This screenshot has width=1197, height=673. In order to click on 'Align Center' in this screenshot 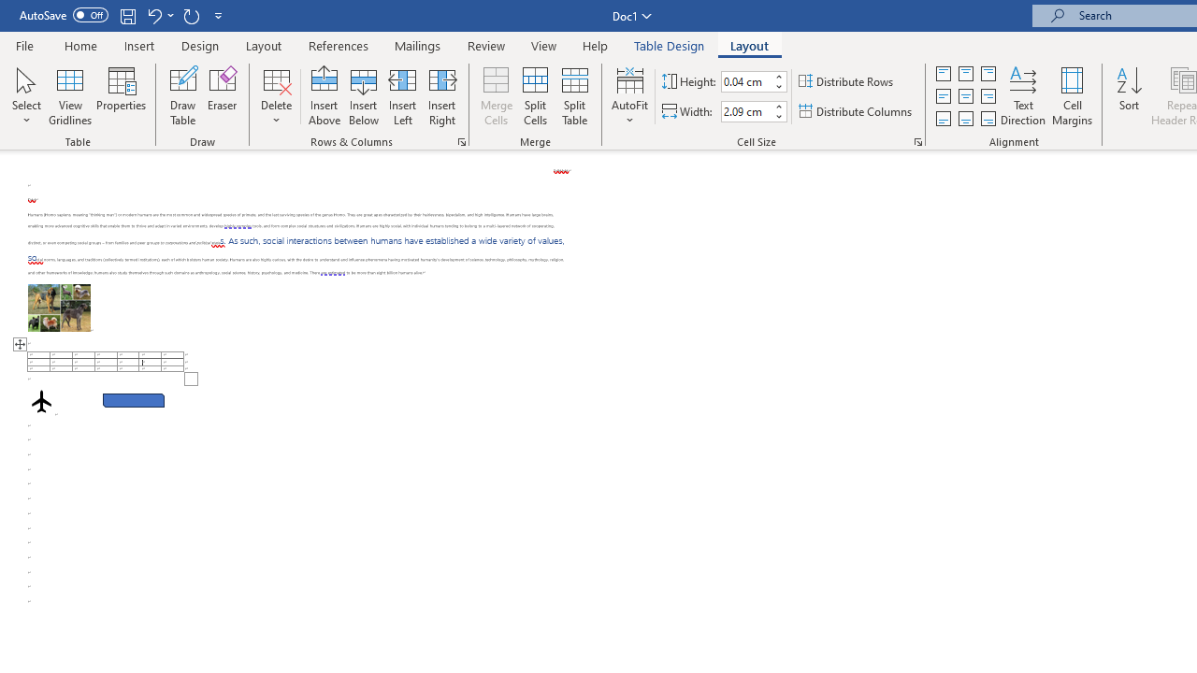, I will do `click(965, 96)`.